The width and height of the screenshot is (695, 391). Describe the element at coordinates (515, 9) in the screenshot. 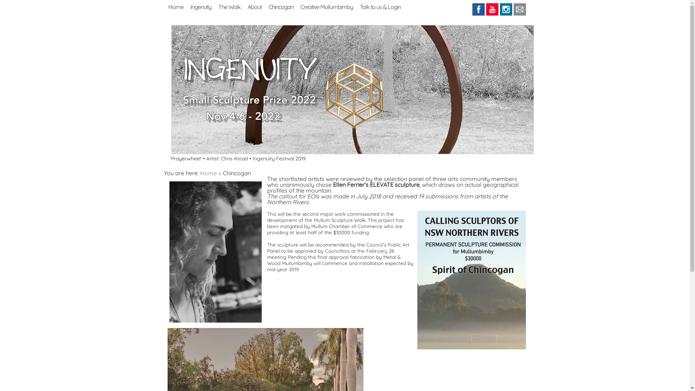

I see `'Email'` at that location.